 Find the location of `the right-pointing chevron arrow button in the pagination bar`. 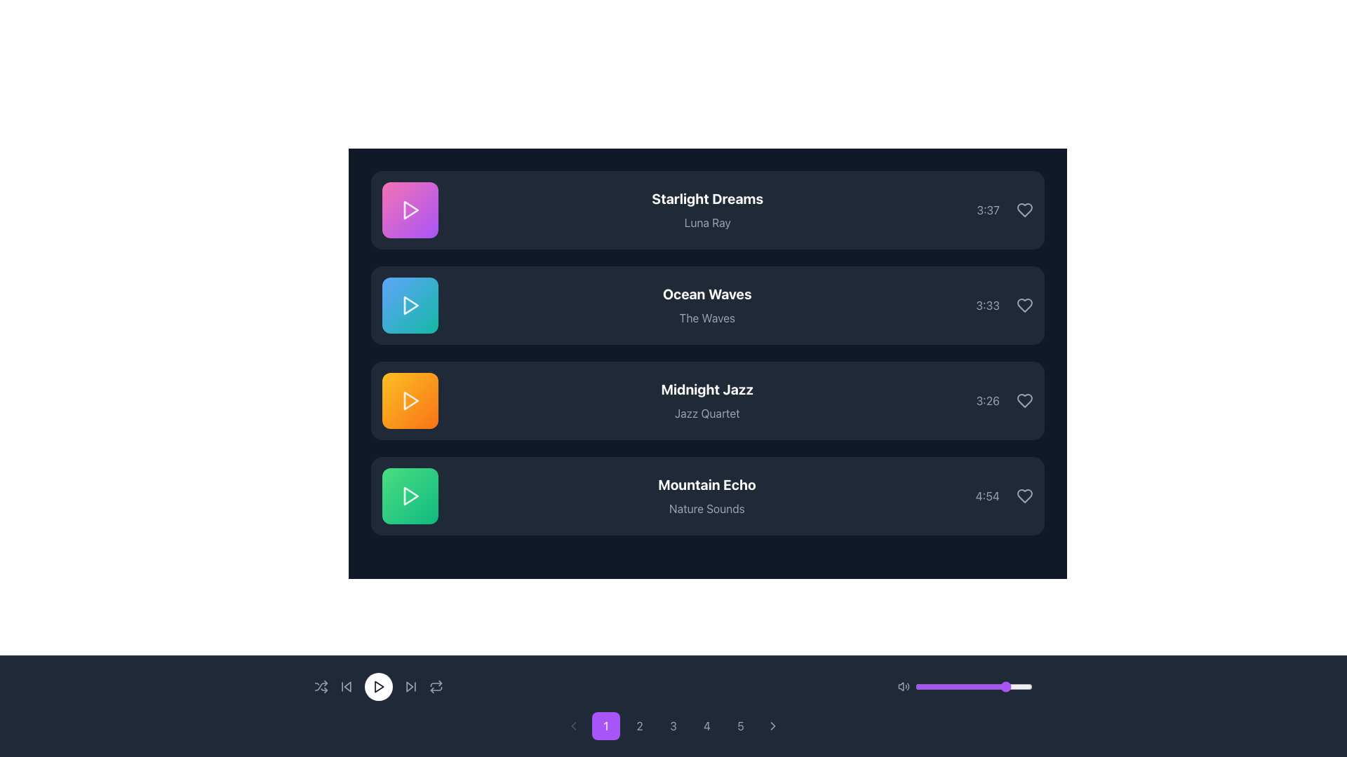

the right-pointing chevron arrow button in the pagination bar is located at coordinates (772, 725).